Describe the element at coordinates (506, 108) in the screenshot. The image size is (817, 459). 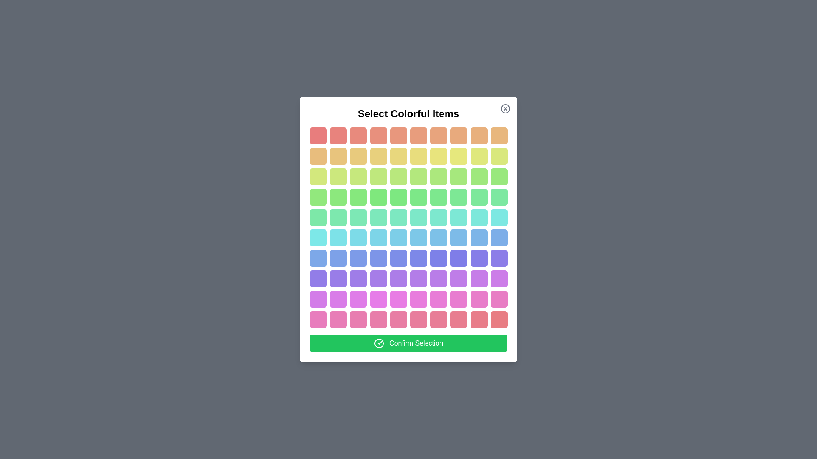
I see `the close button located at the top-right corner of the dialog` at that location.